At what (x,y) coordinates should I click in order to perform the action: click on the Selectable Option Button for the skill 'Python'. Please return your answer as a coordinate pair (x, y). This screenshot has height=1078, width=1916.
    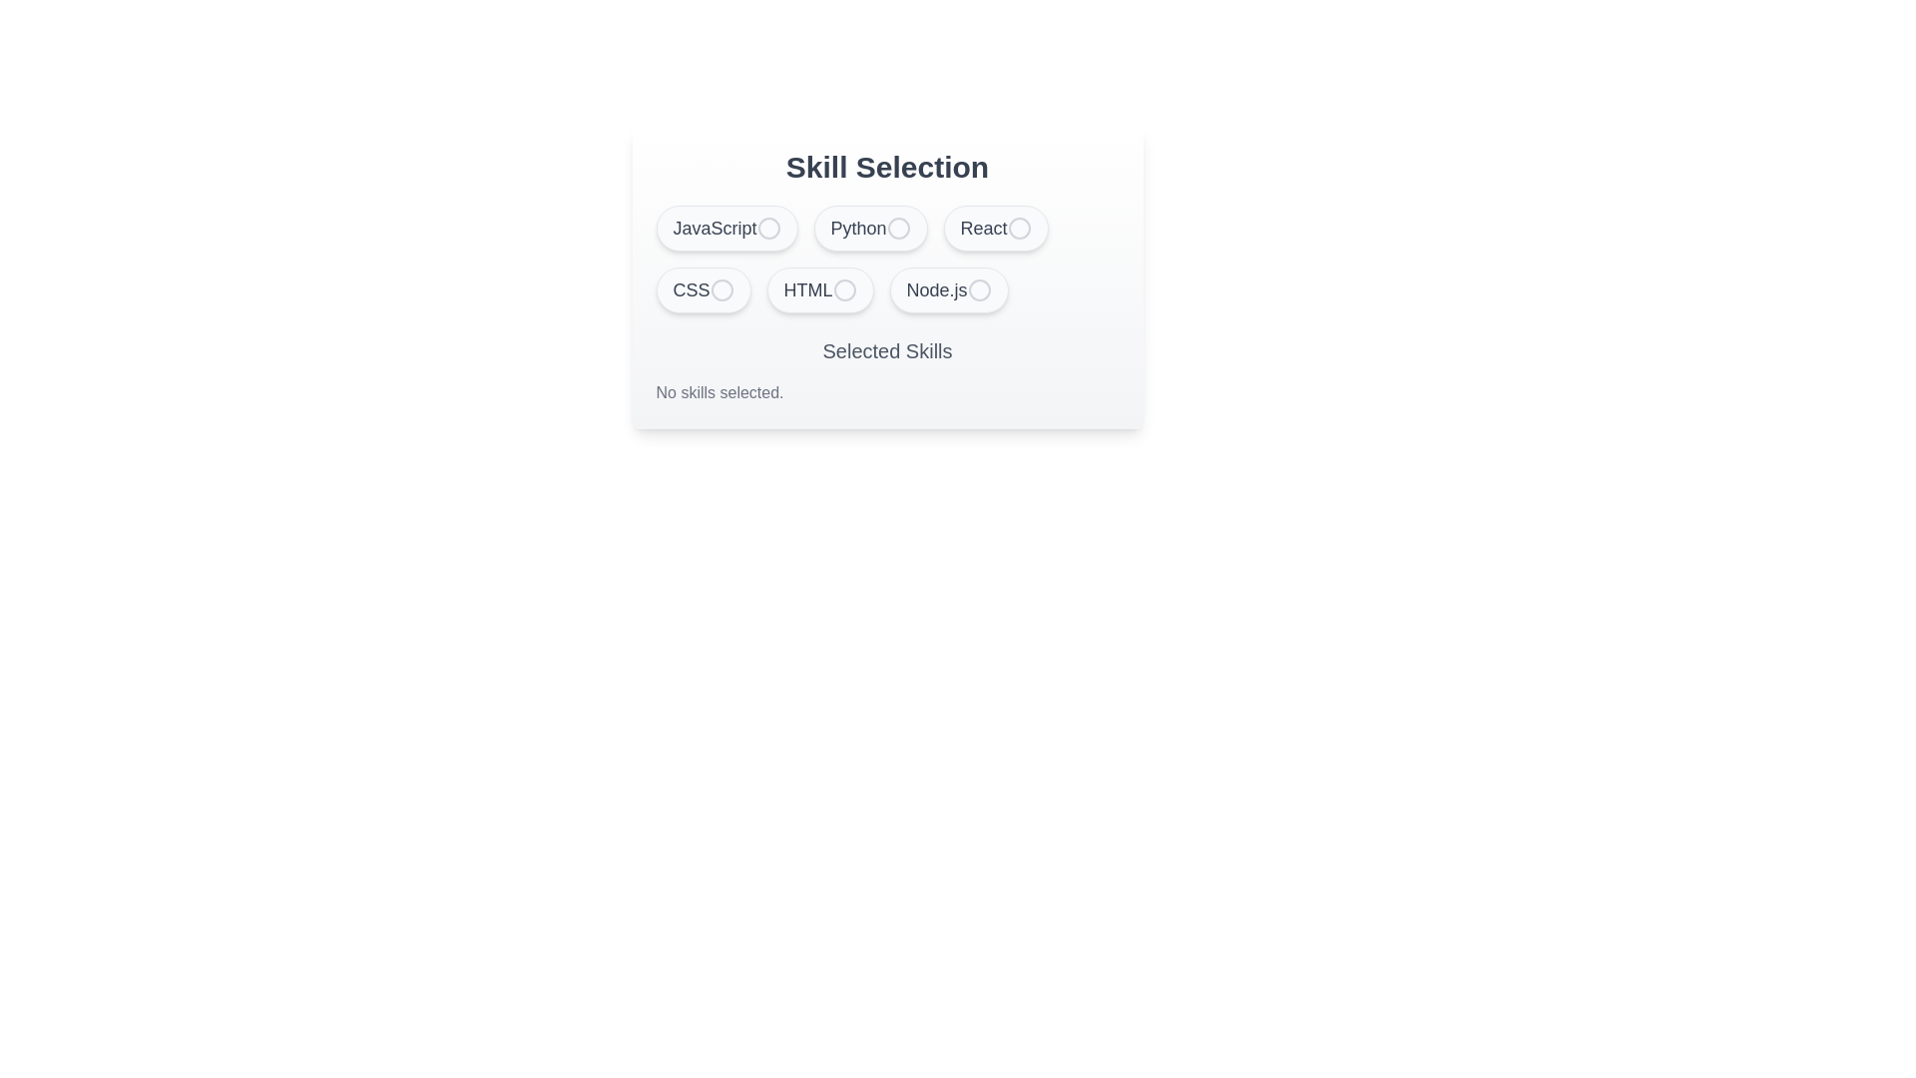
    Looking at the image, I should click on (870, 227).